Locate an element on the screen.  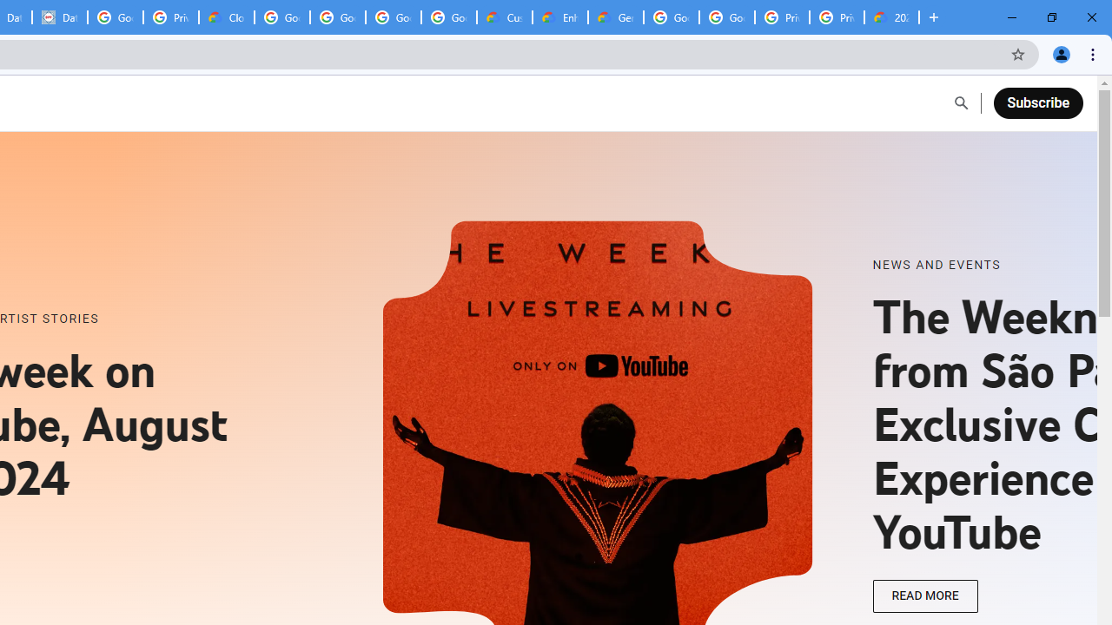
'Google Cloud Platform' is located at coordinates (727, 17).